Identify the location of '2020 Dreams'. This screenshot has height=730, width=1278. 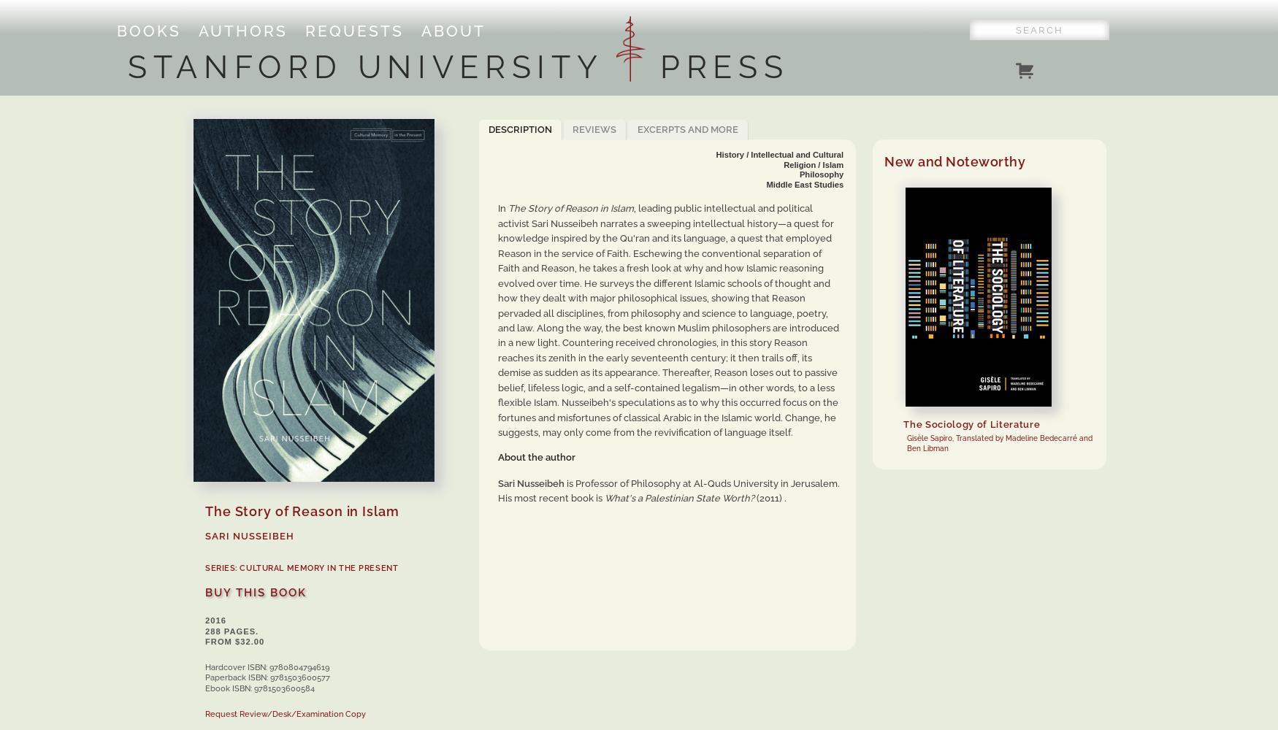
(1145, 361).